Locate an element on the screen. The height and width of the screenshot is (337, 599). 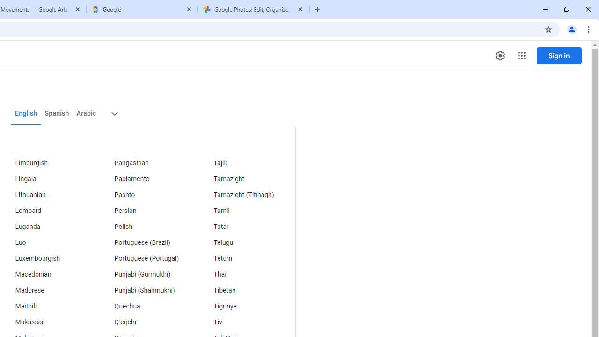
'Papiamento' is located at coordinates (146, 179).